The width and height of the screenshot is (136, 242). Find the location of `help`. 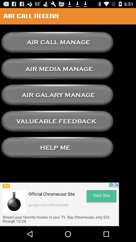

help is located at coordinates (57, 147).